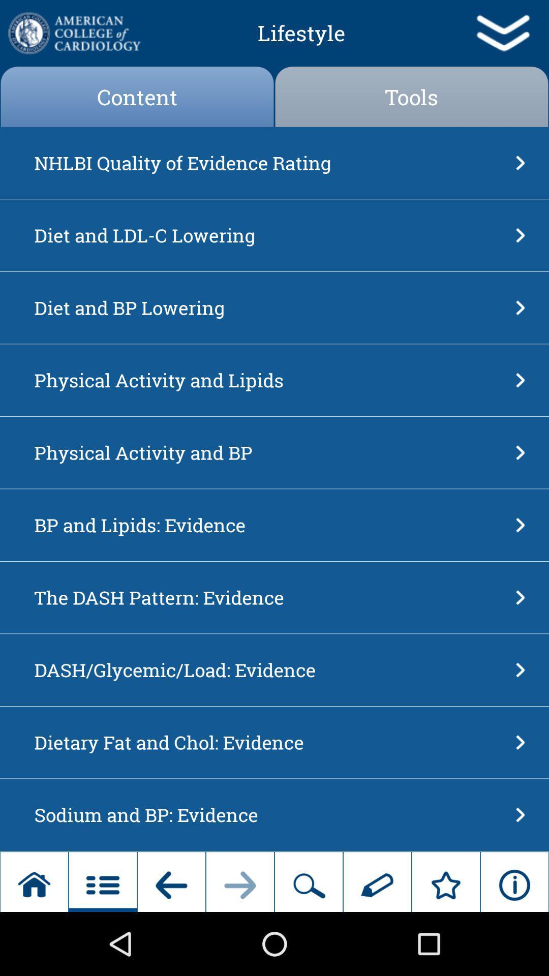  I want to click on the app below the bp and lipids app, so click(271, 597).